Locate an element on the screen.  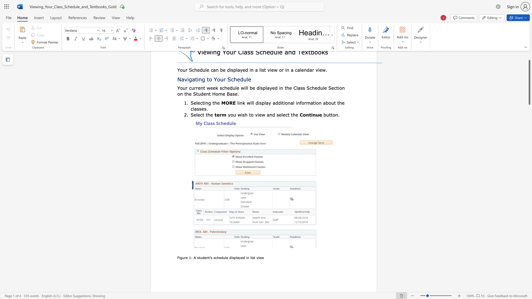
the scrollbar and move up 20 pixels is located at coordinates (529, 82).